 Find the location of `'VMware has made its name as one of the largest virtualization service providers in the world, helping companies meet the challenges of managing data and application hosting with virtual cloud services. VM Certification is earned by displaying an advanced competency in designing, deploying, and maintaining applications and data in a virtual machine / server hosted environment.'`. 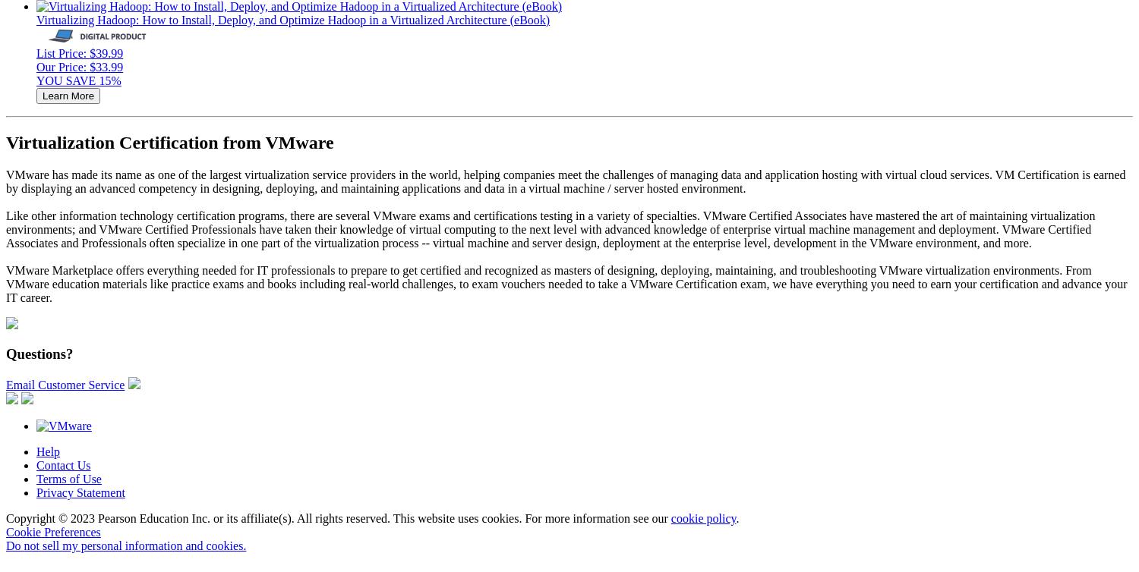

'VMware has made its name as one of the largest virtualization service providers in the world, helping companies meet the challenges of managing data and application hosting with virtual cloud services. VM Certification is earned by displaying an advanced competency in designing, deploying, and maintaining applications and data in a virtual machine / server hosted environment.' is located at coordinates (565, 180).